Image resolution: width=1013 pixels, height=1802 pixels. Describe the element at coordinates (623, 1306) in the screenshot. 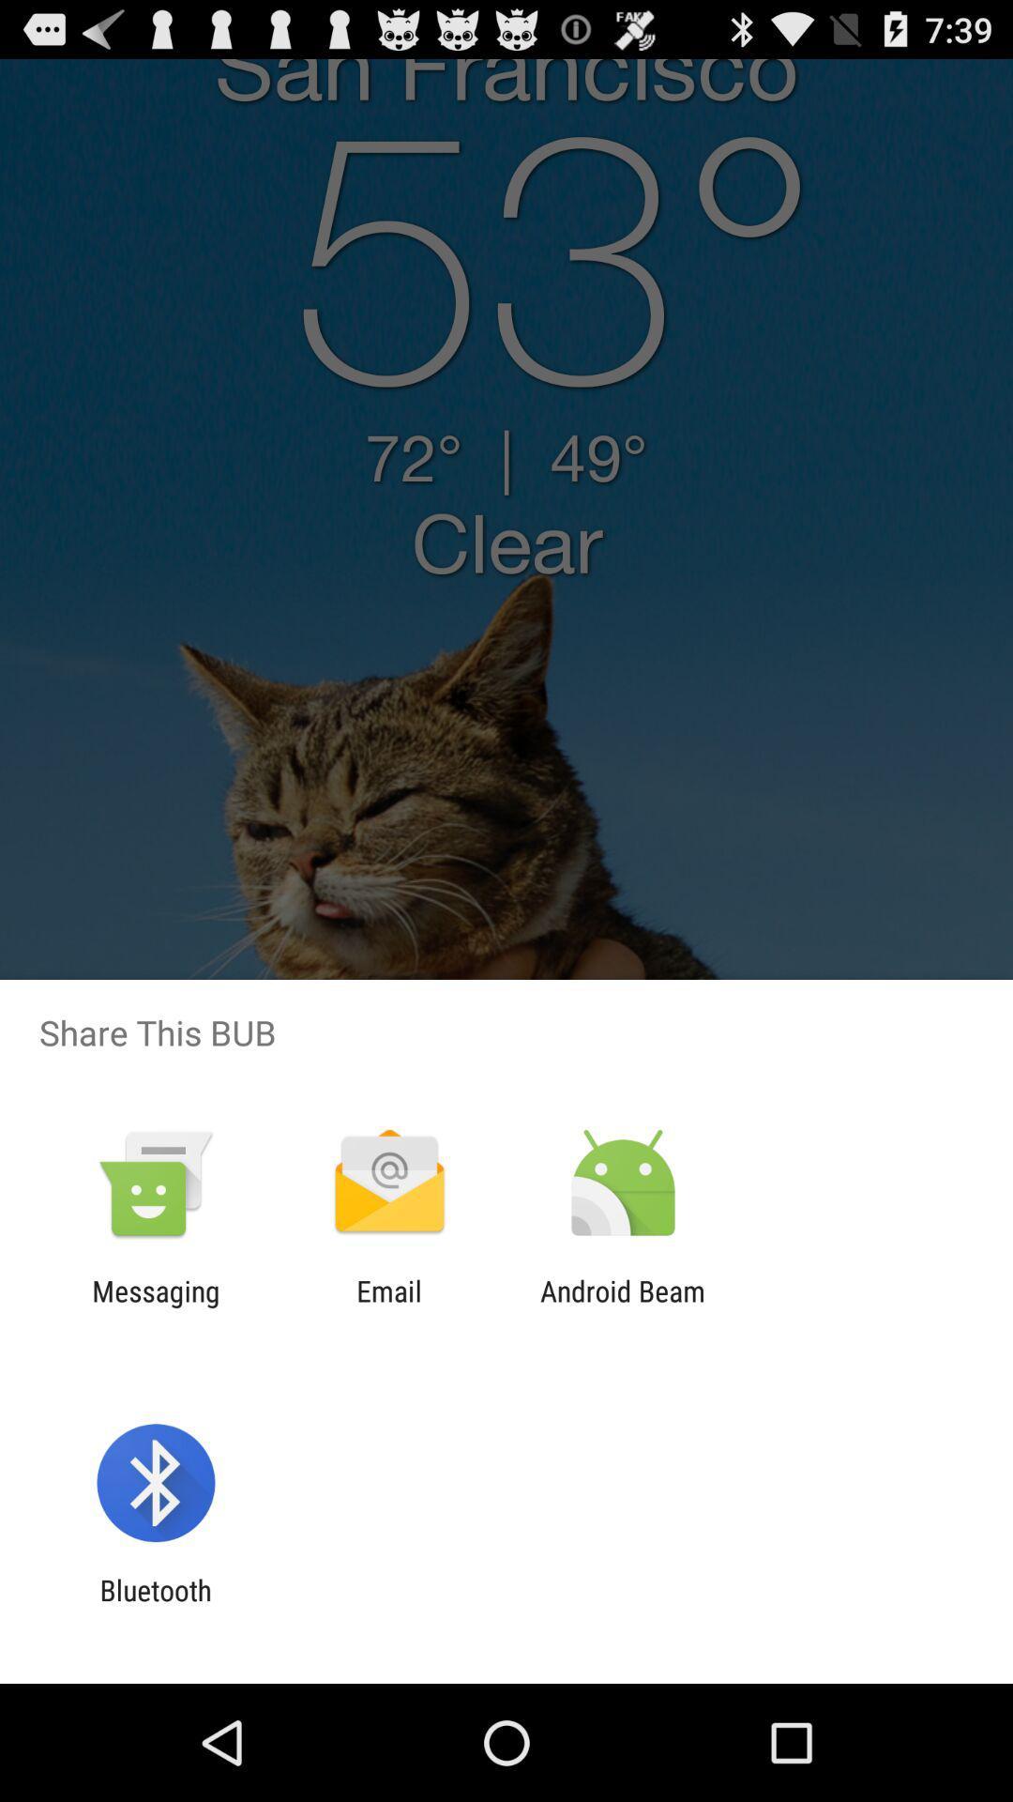

I see `the android beam item` at that location.